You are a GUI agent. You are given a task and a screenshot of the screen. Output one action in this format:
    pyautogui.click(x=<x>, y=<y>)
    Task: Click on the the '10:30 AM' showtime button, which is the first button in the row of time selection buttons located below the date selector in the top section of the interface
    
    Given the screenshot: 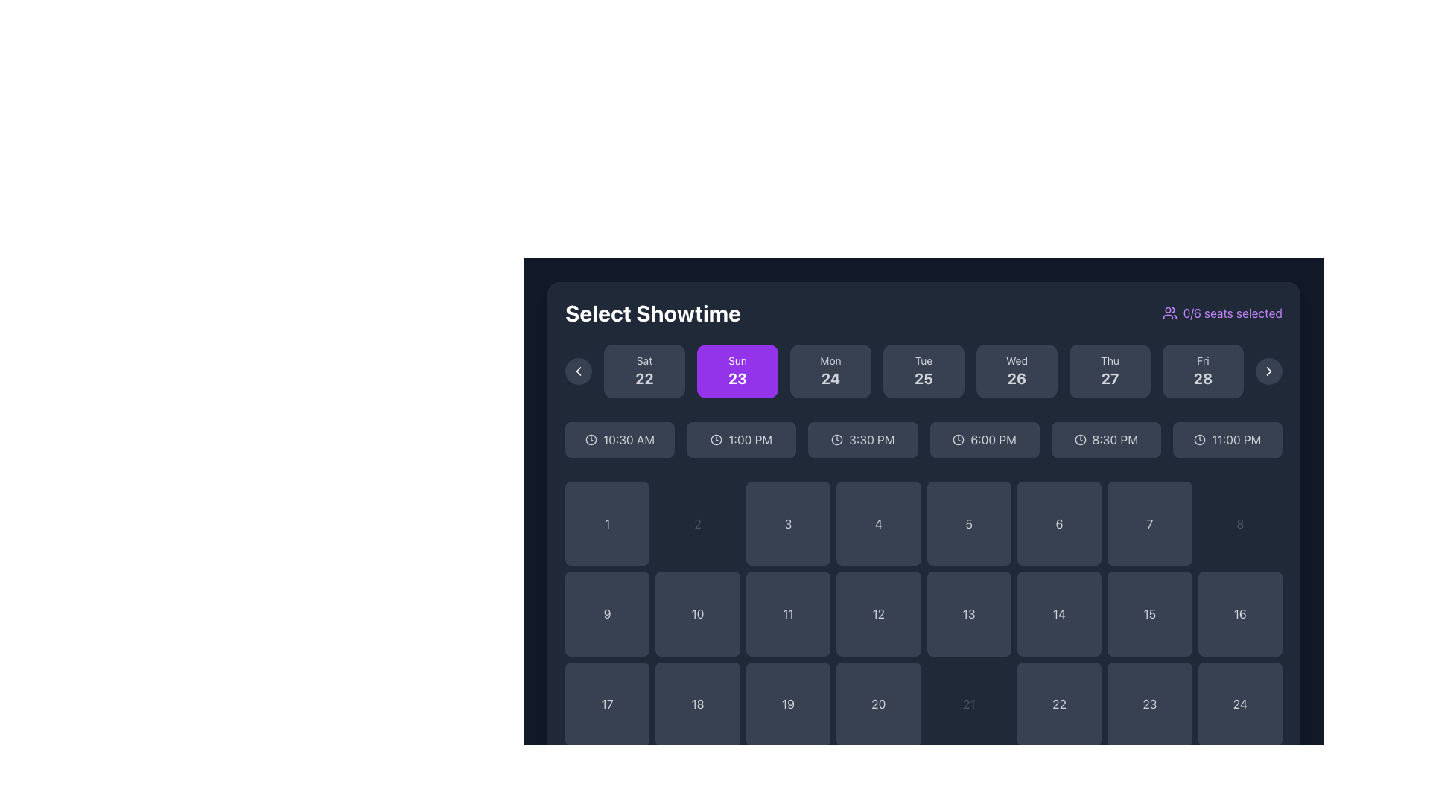 What is the action you would take?
    pyautogui.click(x=620, y=438)
    